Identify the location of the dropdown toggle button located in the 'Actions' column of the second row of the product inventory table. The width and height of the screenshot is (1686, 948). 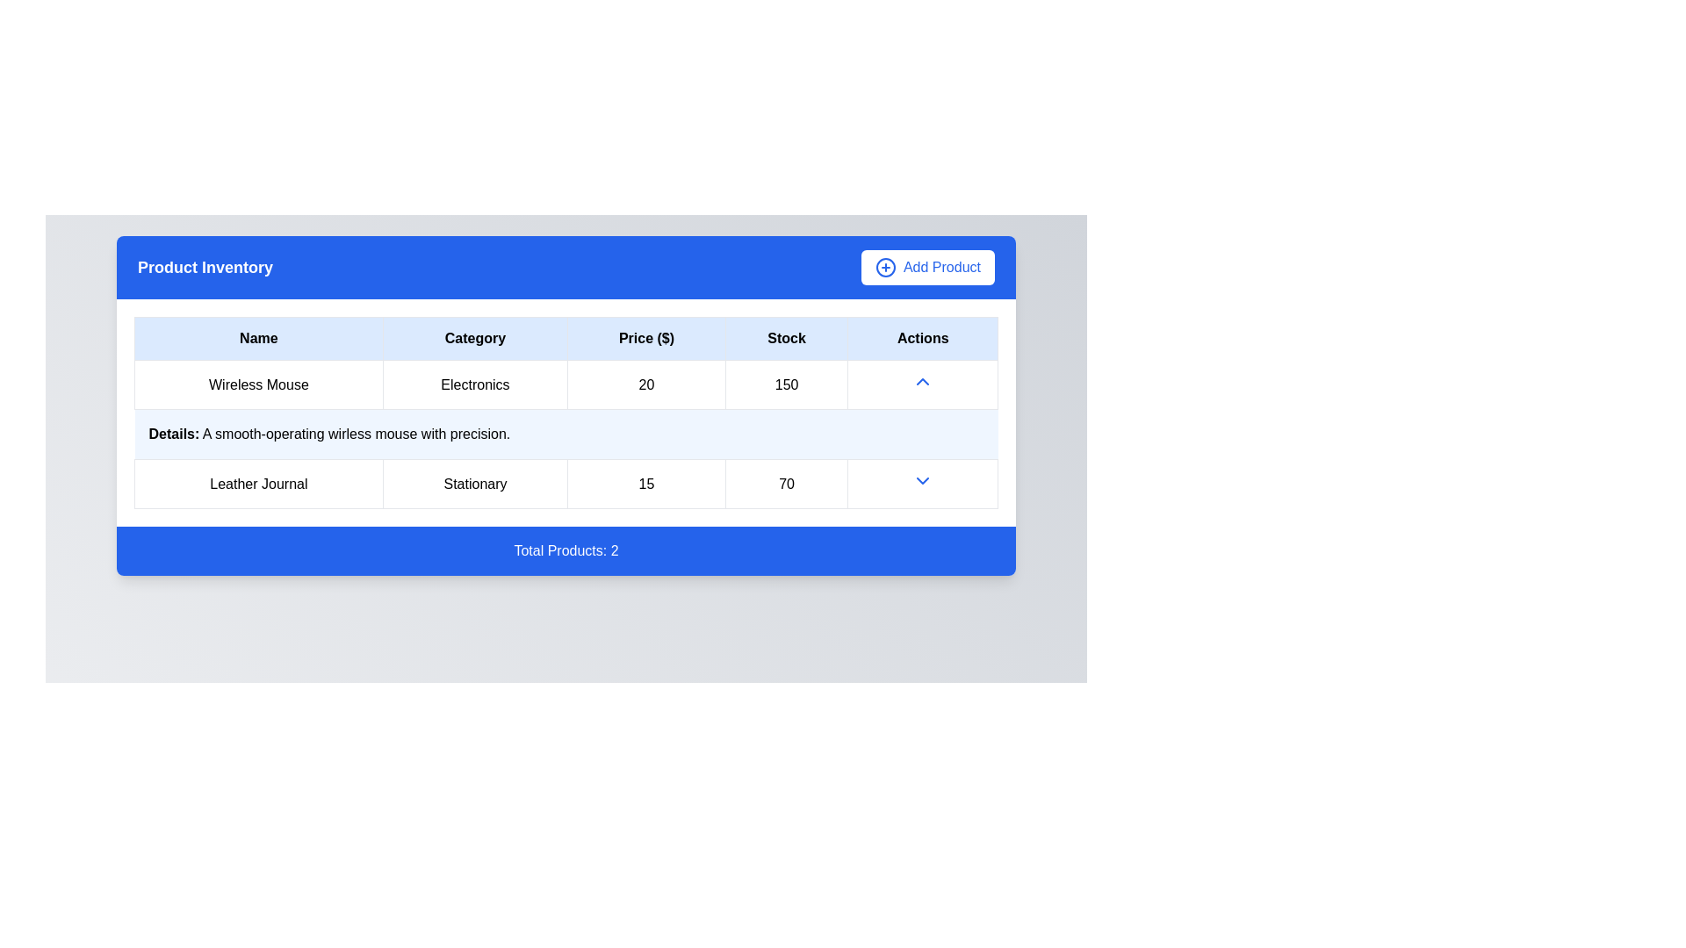
(922, 480).